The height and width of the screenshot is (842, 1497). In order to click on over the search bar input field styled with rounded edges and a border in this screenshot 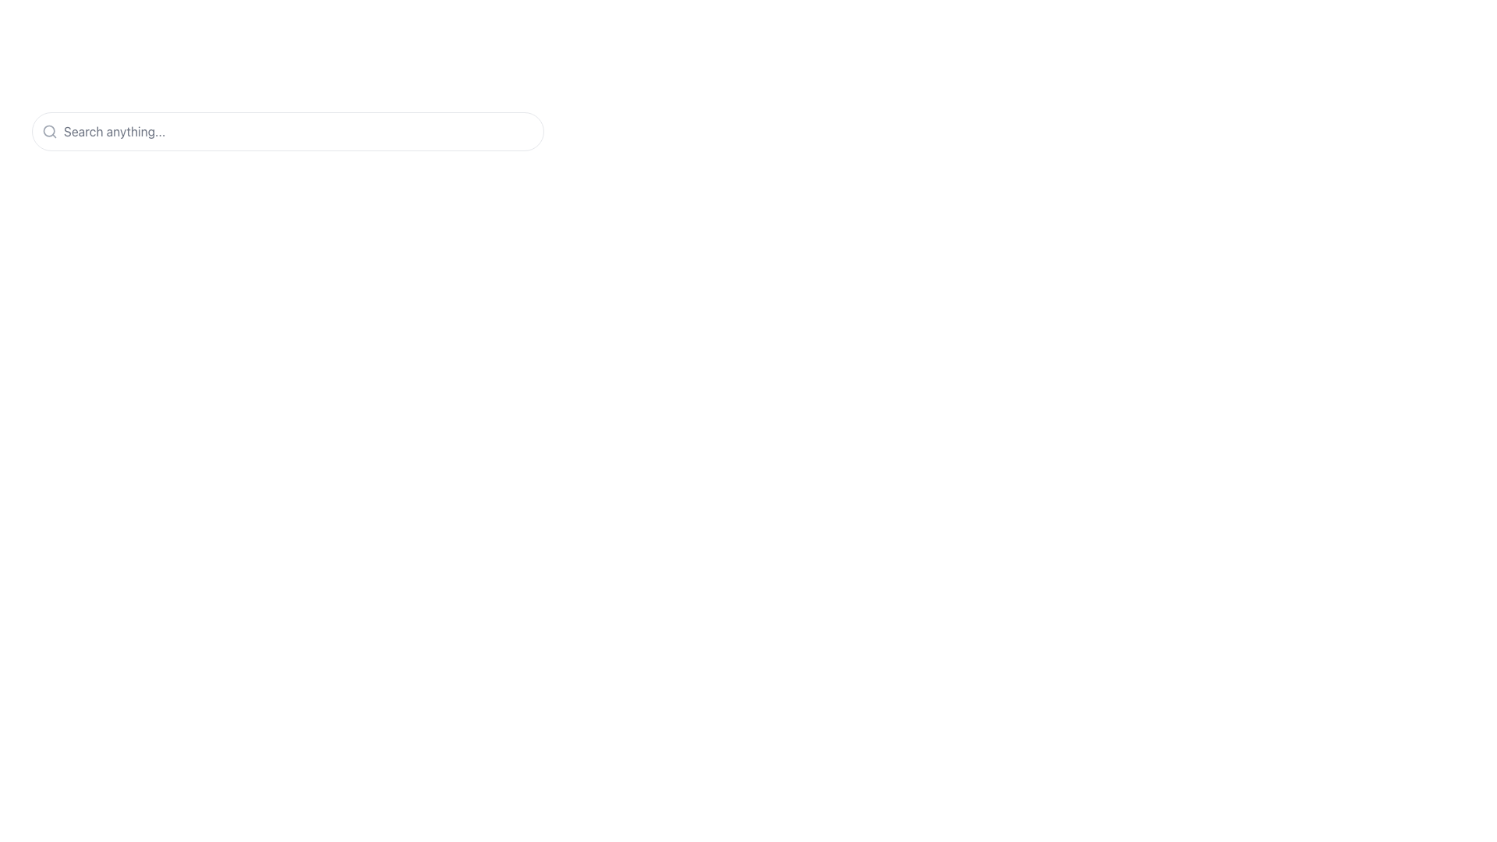, I will do `click(288, 131)`.